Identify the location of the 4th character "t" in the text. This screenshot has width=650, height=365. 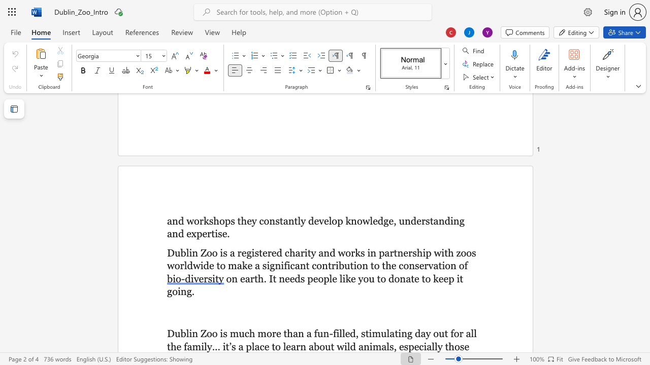
(446, 334).